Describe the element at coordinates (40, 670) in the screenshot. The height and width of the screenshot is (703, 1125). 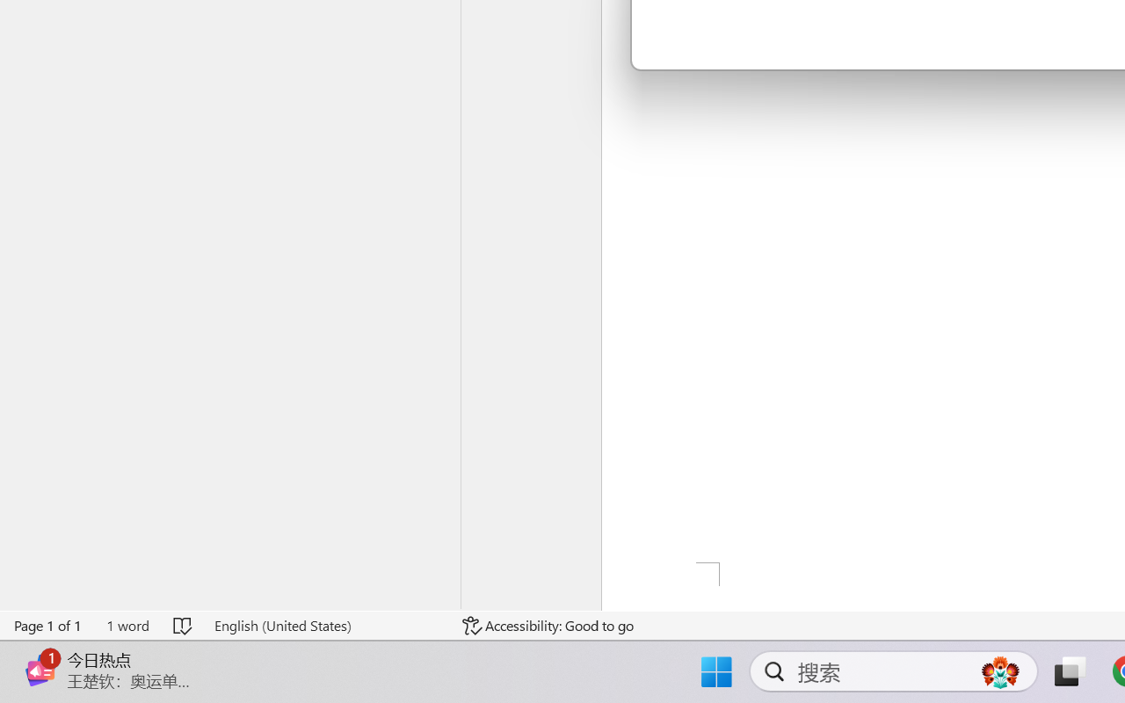
I see `'Class: Image'` at that location.